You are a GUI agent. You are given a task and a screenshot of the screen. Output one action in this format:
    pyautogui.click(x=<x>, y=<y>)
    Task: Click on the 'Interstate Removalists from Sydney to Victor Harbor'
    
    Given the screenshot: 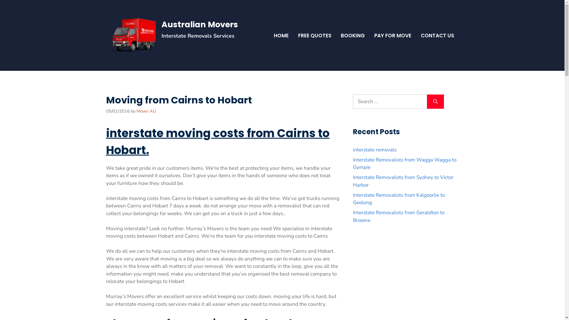 What is the action you would take?
    pyautogui.click(x=403, y=181)
    